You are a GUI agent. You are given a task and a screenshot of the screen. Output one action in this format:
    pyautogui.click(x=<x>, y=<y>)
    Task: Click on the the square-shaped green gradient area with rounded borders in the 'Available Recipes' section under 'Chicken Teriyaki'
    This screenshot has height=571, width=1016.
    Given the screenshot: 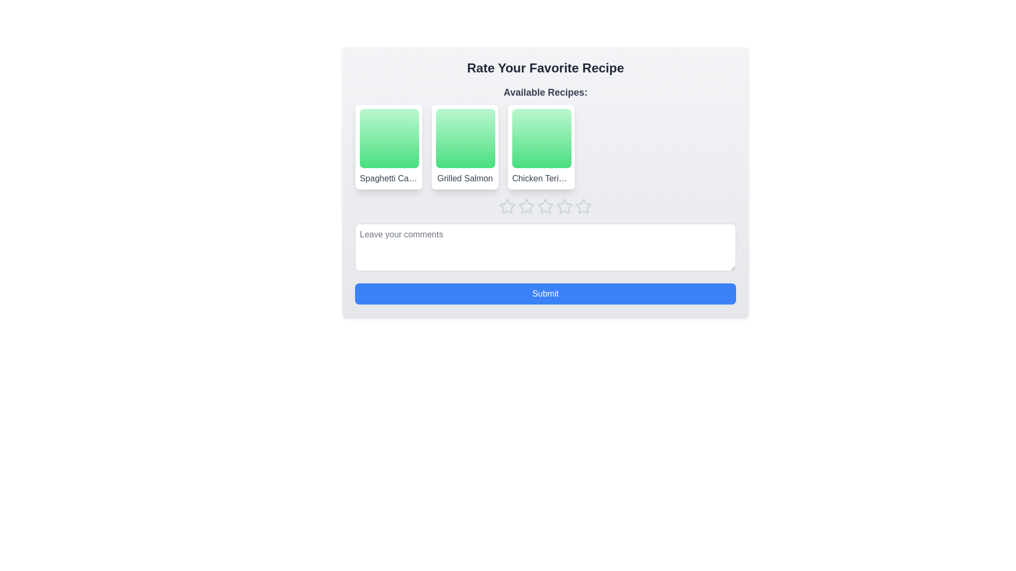 What is the action you would take?
    pyautogui.click(x=541, y=138)
    